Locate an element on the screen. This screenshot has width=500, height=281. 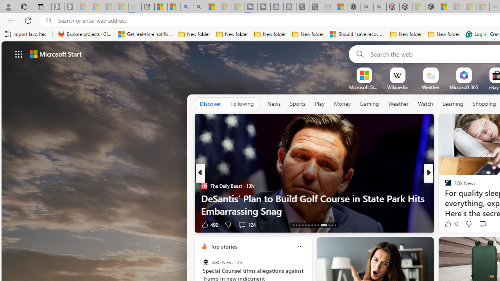
'Weather' is located at coordinates (398, 104).